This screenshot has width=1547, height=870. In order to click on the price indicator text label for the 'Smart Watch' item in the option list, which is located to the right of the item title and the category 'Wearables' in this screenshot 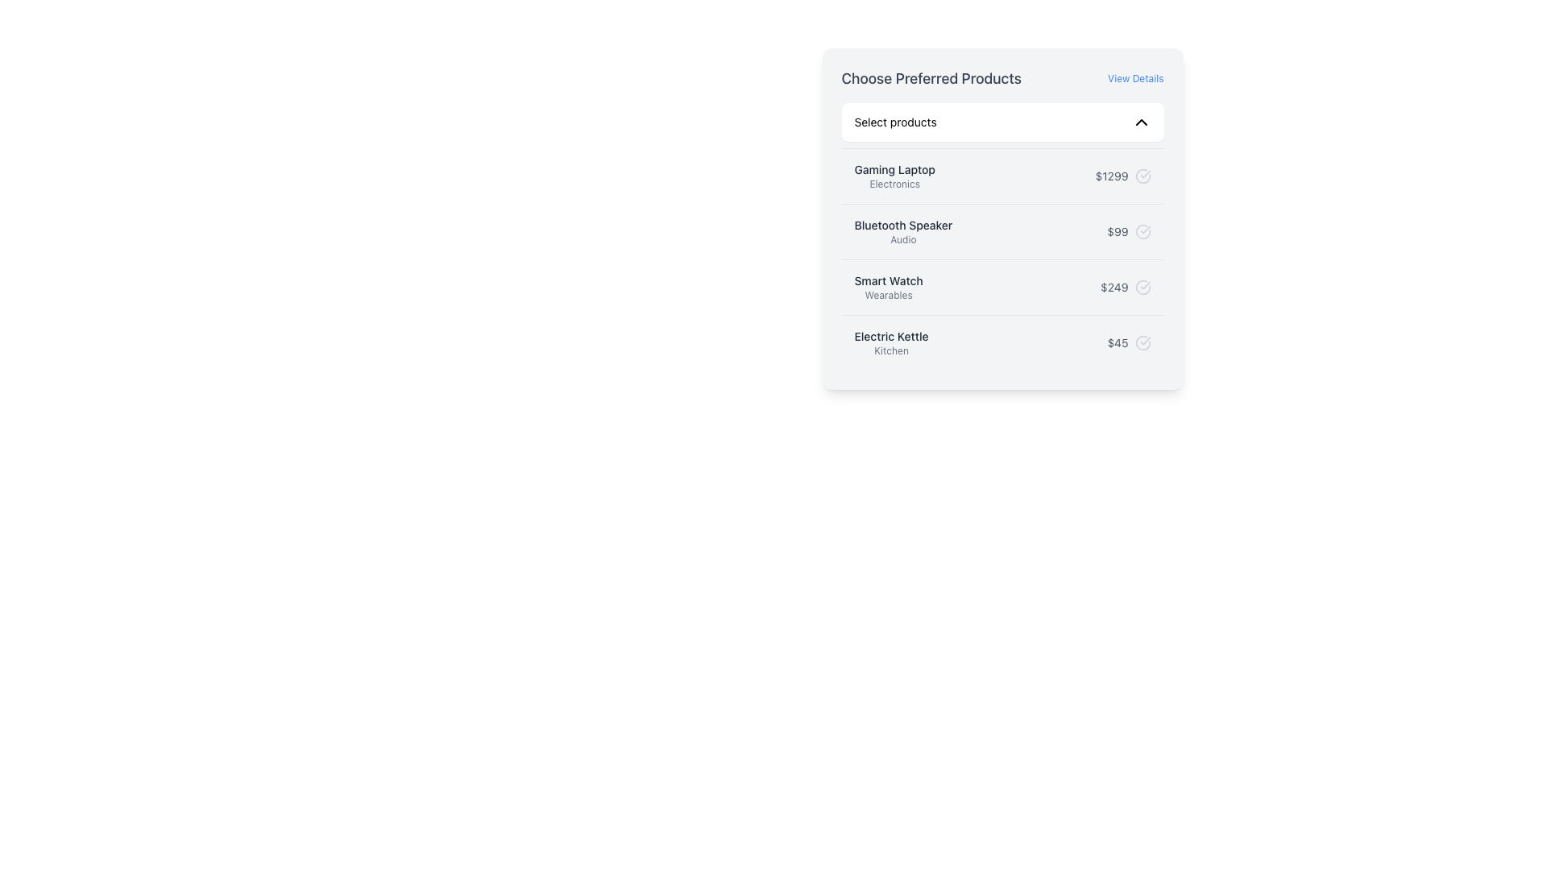, I will do `click(1114, 287)`.